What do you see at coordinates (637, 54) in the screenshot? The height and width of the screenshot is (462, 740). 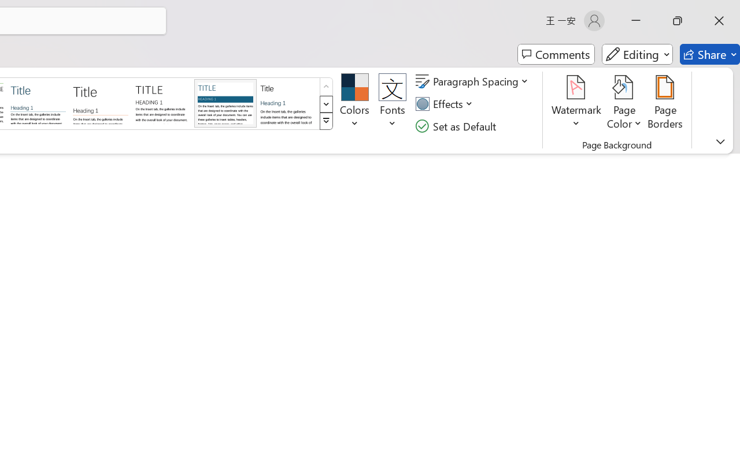 I see `'Editing'` at bounding box center [637, 54].